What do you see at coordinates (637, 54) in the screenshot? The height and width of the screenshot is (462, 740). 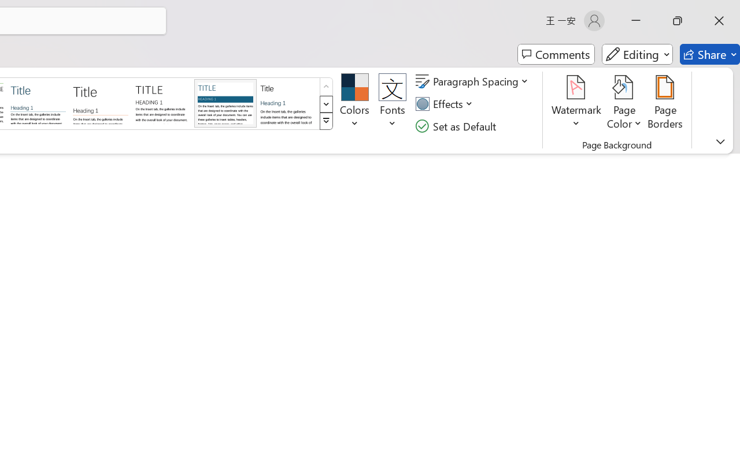 I see `'Editing'` at bounding box center [637, 54].